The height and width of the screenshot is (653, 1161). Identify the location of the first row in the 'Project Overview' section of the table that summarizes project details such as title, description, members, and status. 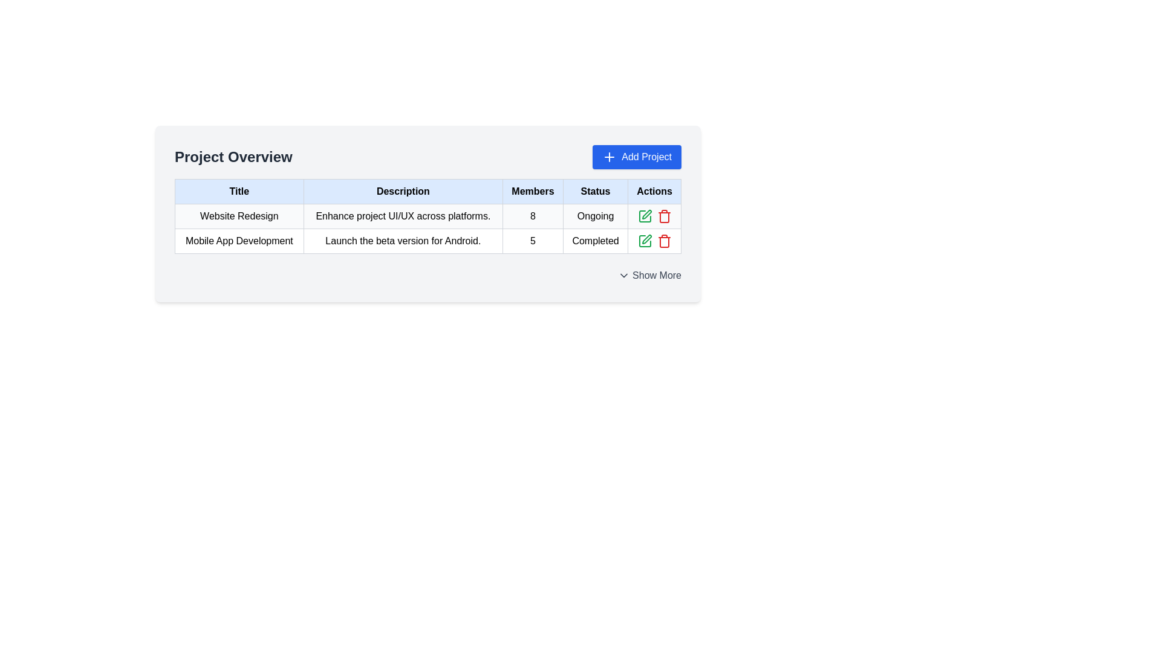
(428, 229).